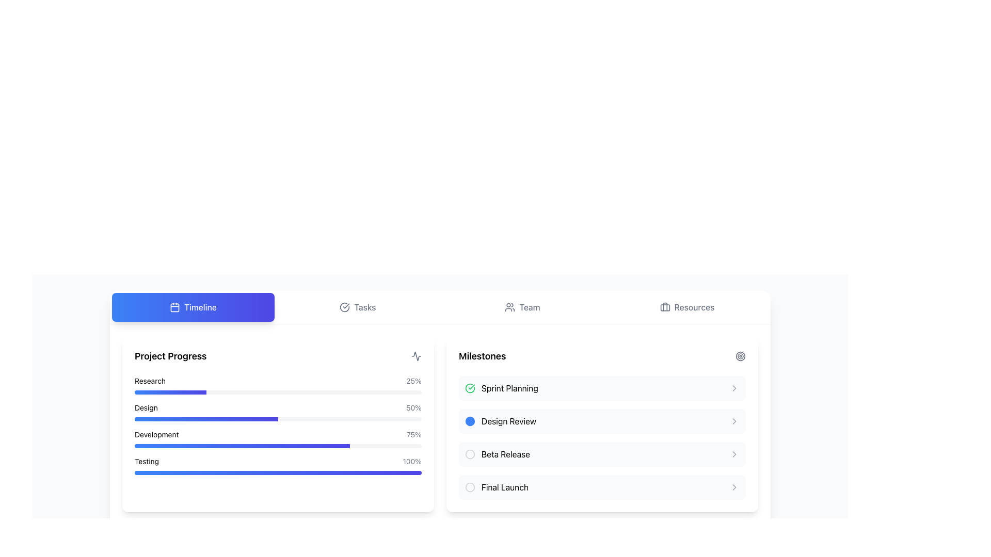 The height and width of the screenshot is (557, 991). I want to click on the right-pointing chevron icon in the Milestones section, so click(733, 453).